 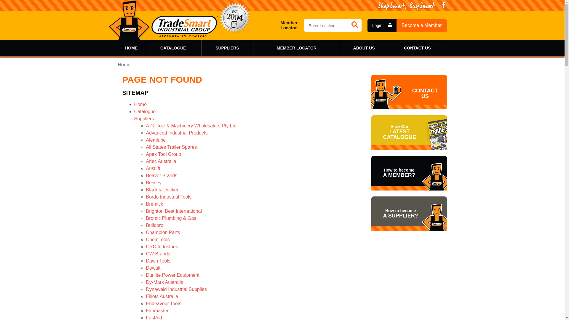 What do you see at coordinates (146, 168) in the screenshot?
I see `'Austlift'` at bounding box center [146, 168].